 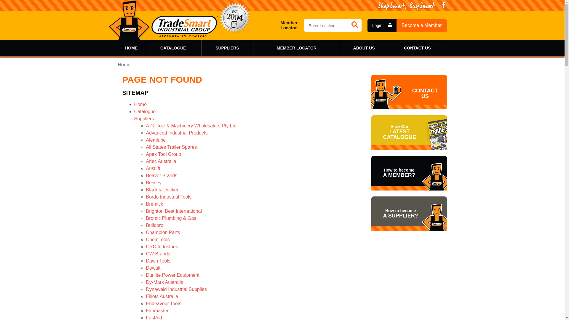 What do you see at coordinates (146, 168) in the screenshot?
I see `'Austlift'` at bounding box center [146, 168].